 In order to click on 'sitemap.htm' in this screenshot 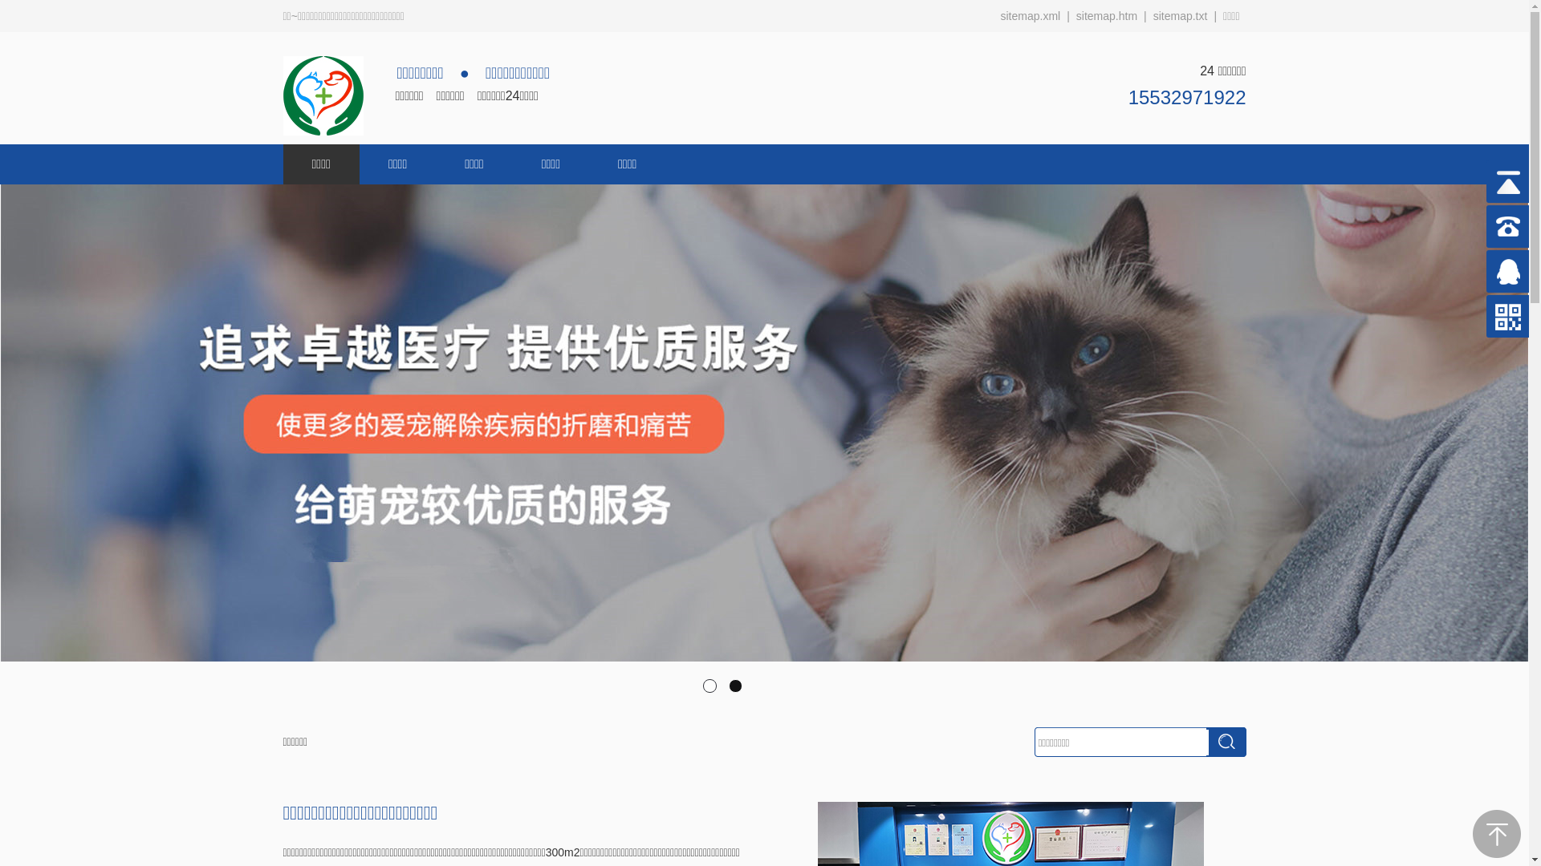, I will do `click(1070, 15)`.